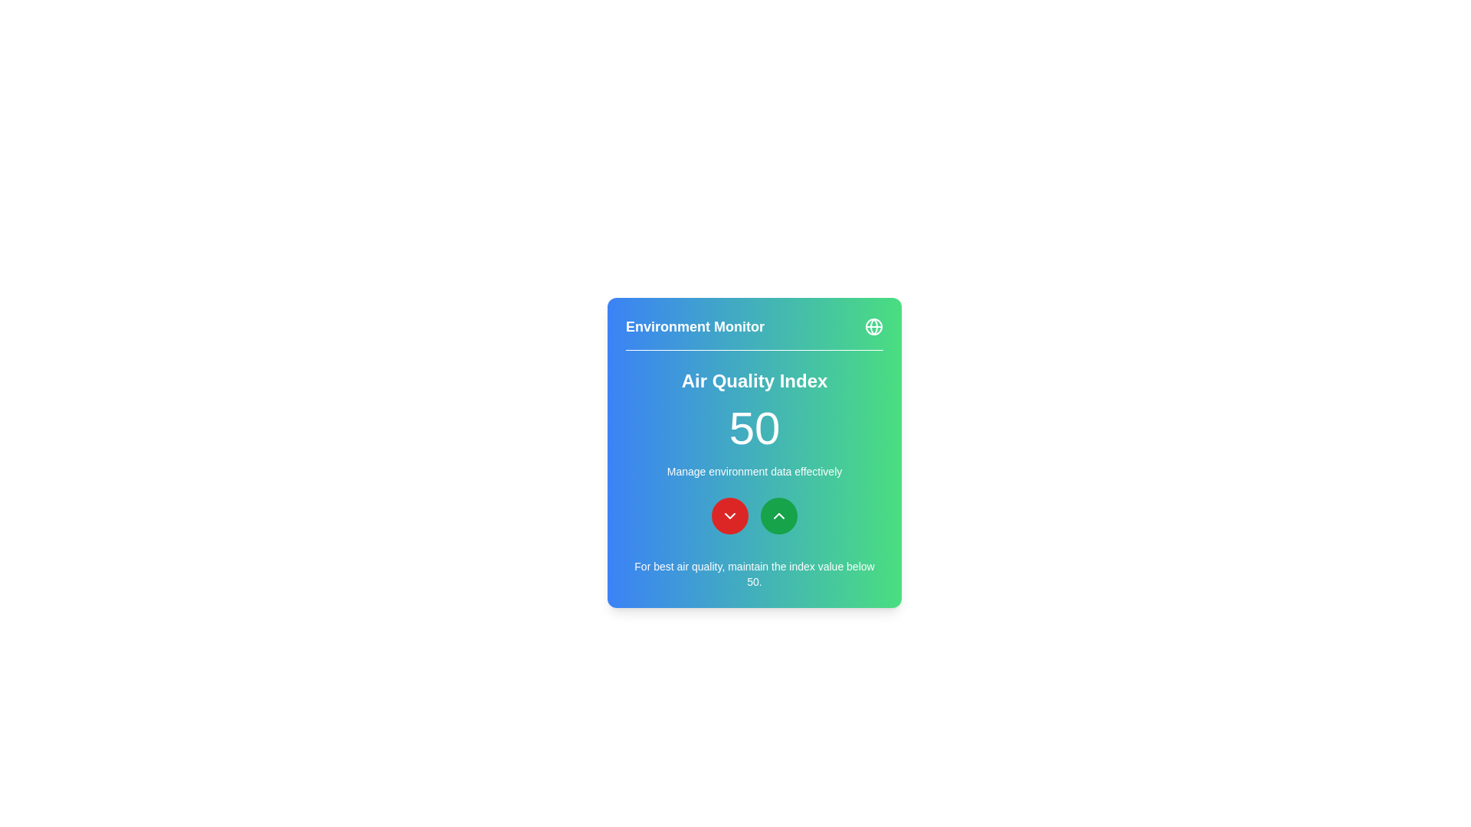 Image resolution: width=1471 pixels, height=827 pixels. Describe the element at coordinates (754, 516) in the screenshot. I see `either button in the horizontal button group below the 'Air Quality Index' value to interact with its associated function` at that location.